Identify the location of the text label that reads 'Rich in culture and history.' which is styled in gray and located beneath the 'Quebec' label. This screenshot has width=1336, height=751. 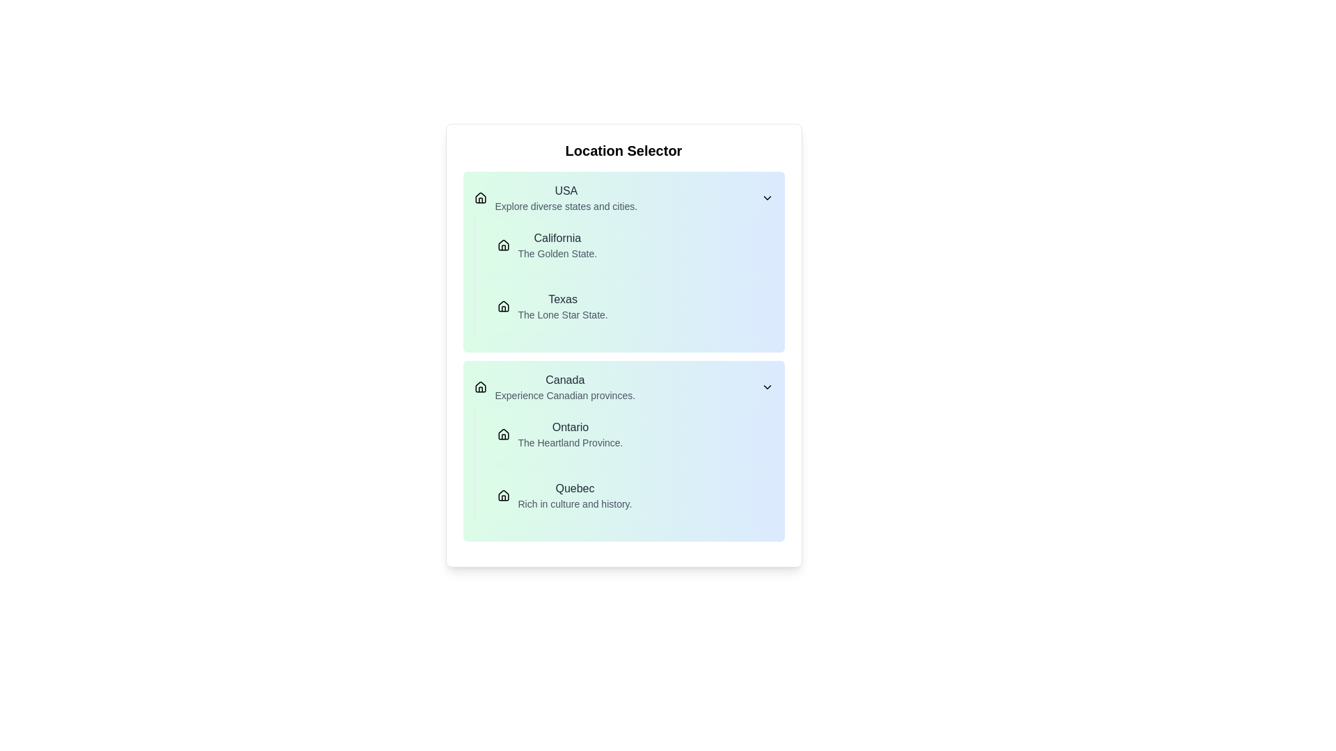
(575, 504).